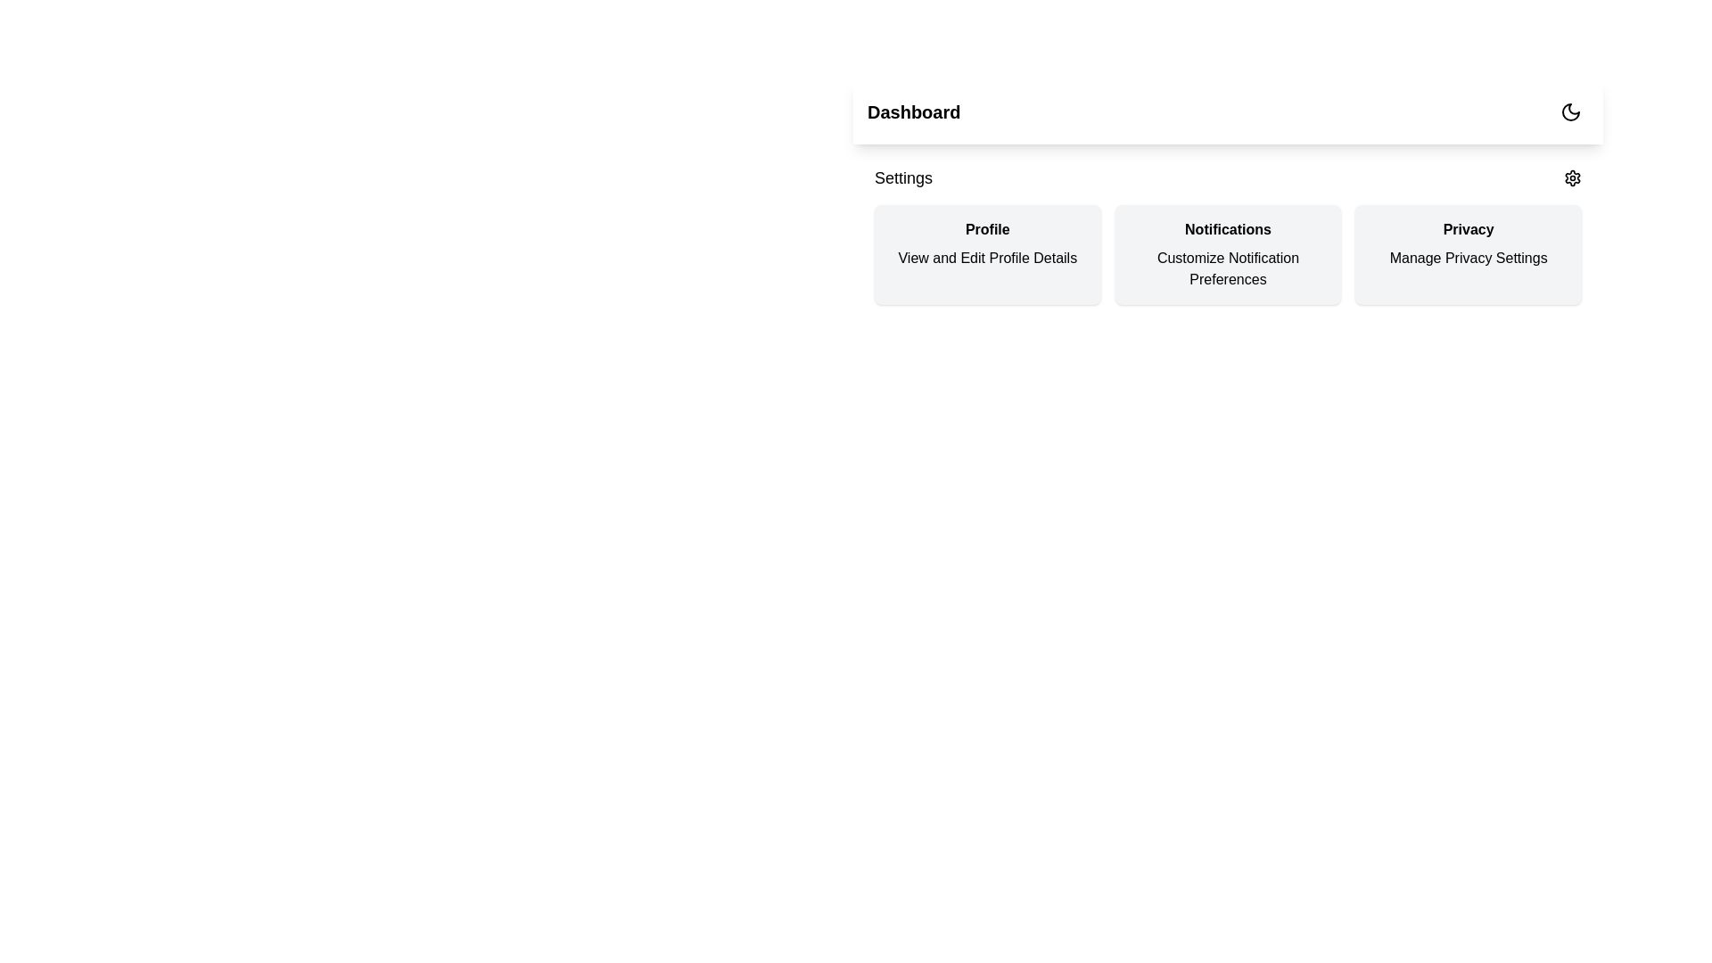 The image size is (1712, 963). I want to click on textual content from the 'Notifications' section header and its subtitle 'Customize Notification Preferences', which is positioned in the middle column of the layout, so click(1227, 234).